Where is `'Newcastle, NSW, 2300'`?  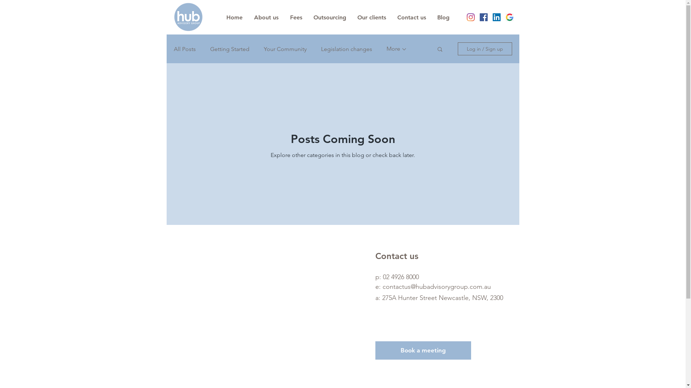 'Newcastle, NSW, 2300' is located at coordinates (438, 298).